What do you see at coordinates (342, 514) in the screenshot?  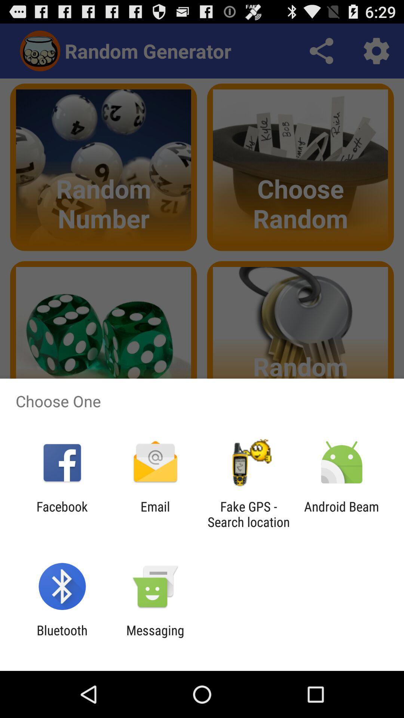 I see `android beam icon` at bounding box center [342, 514].